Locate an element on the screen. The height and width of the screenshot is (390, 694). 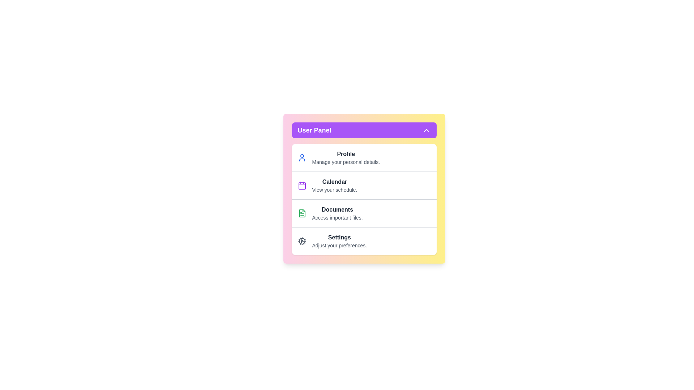
the text label that reads 'Adjust your preferences.' located beneath the 'Settings' title within the User Panel is located at coordinates (339, 245).